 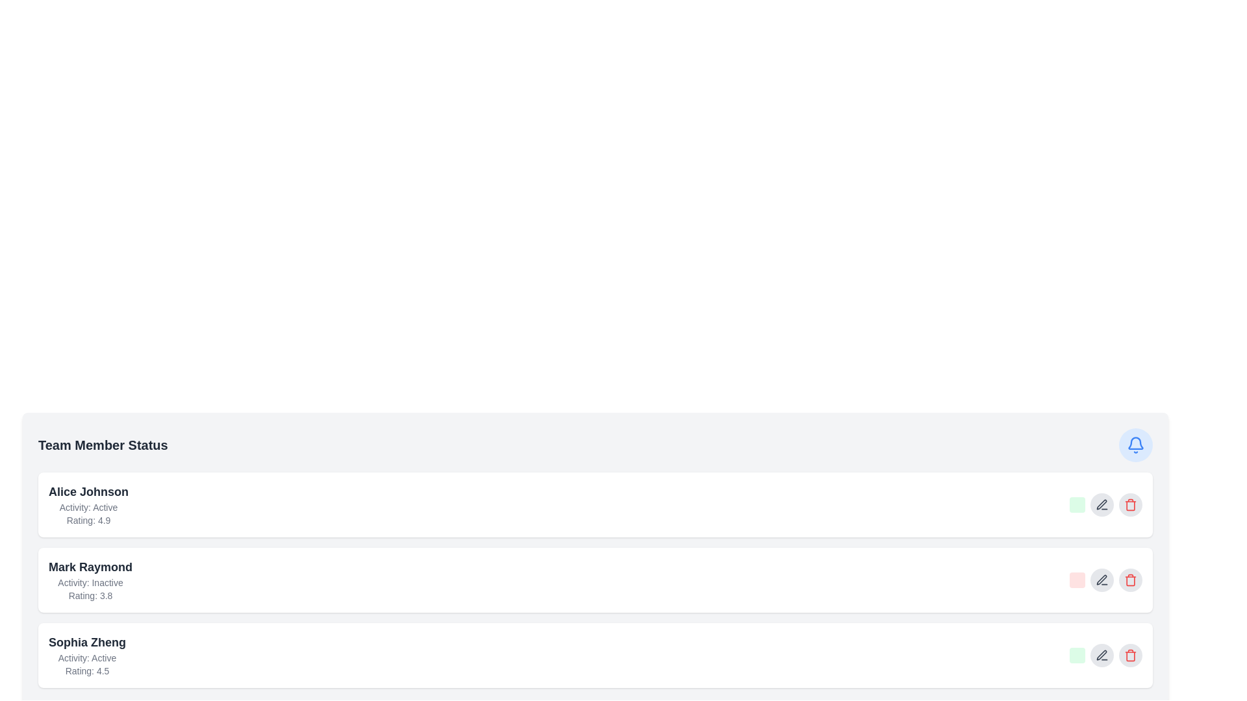 What do you see at coordinates (1135, 445) in the screenshot?
I see `the graphic icon (notification bell) which is a circular icon with a blue background and a bell symbol, located at the far right of the 'Team Member Status' section` at bounding box center [1135, 445].